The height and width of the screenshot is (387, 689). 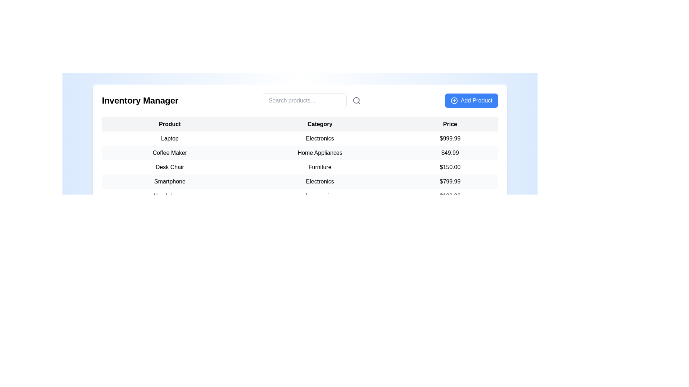 I want to click on the price label for the 'Coffee Maker' product in the table under the 'Price' column, which is non-interactive information, so click(x=450, y=153).